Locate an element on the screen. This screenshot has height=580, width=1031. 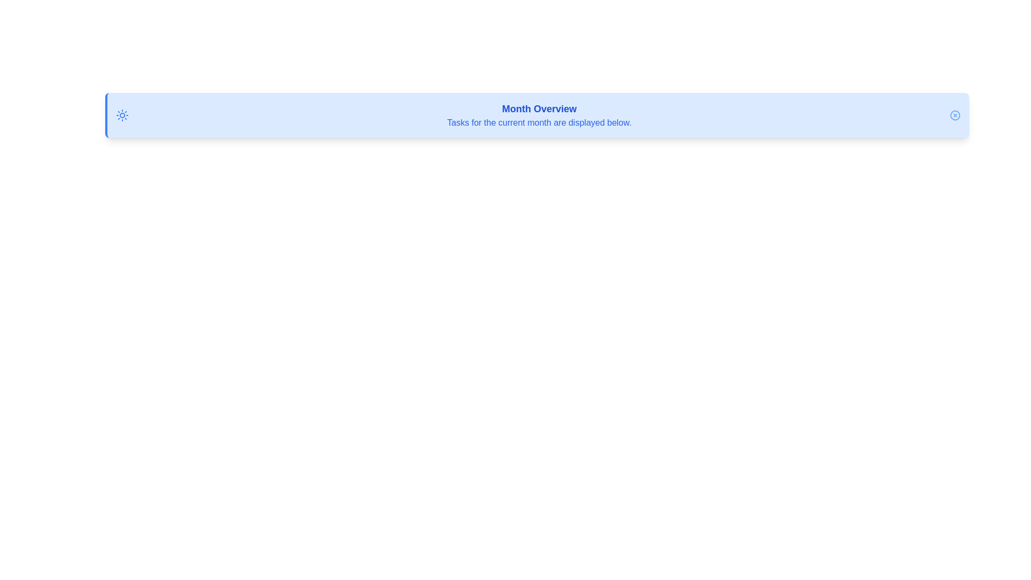
the Sun icon next to the alert title is located at coordinates (122, 115).